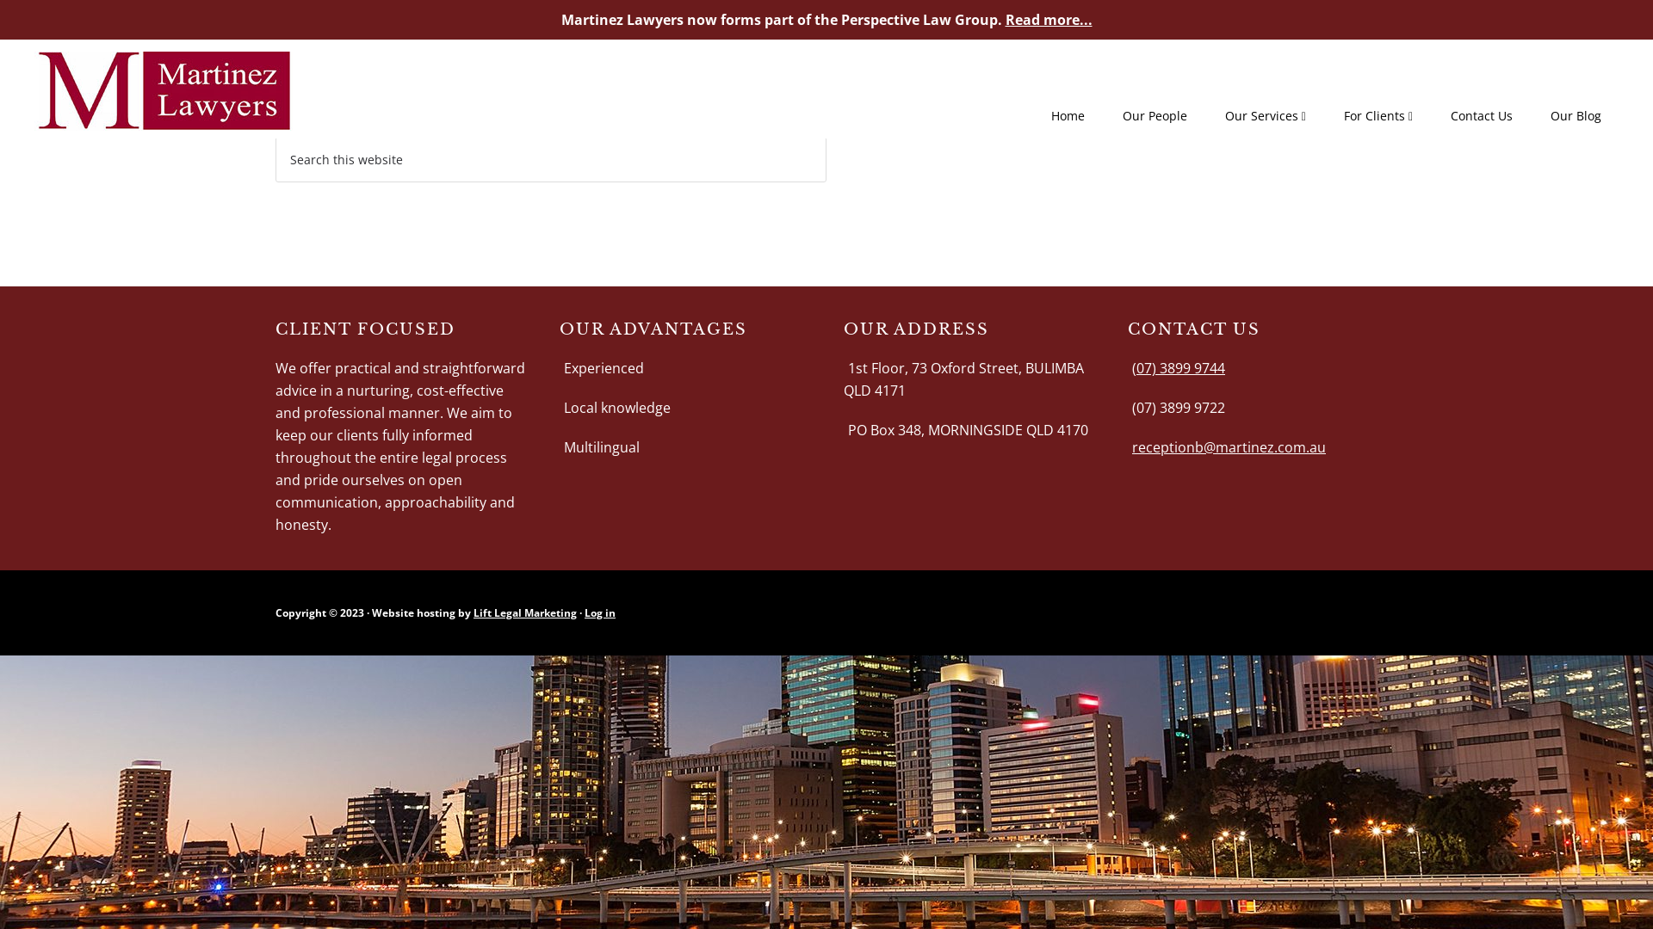  Describe the element at coordinates (1481, 116) in the screenshot. I see `'Contact Us'` at that location.